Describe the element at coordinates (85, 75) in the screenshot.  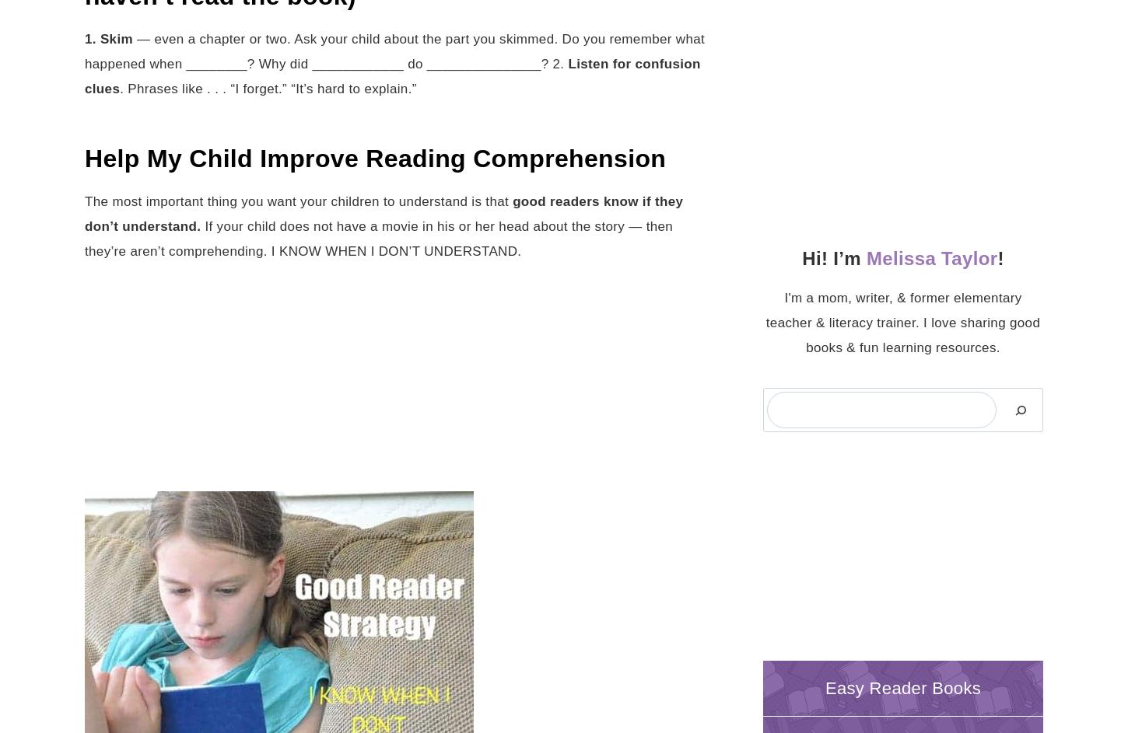
I see `'Listen for confusion clues'` at that location.